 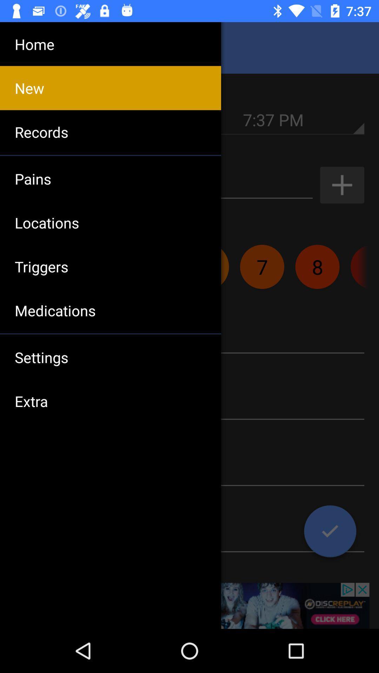 I want to click on the check icon, so click(x=330, y=533).